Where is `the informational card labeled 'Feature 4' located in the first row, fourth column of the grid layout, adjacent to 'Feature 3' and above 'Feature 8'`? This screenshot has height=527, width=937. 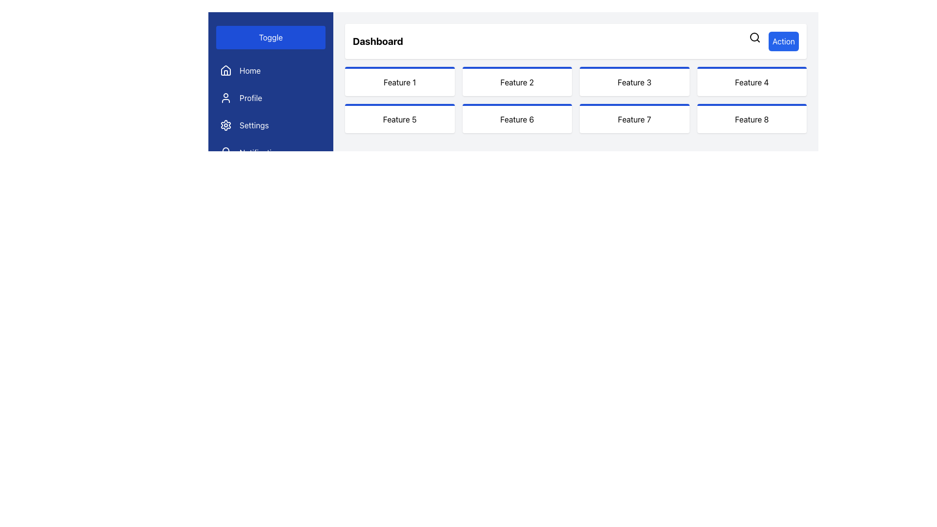 the informational card labeled 'Feature 4' located in the first row, fourth column of the grid layout, adjacent to 'Feature 3' and above 'Feature 8' is located at coordinates (751, 81).